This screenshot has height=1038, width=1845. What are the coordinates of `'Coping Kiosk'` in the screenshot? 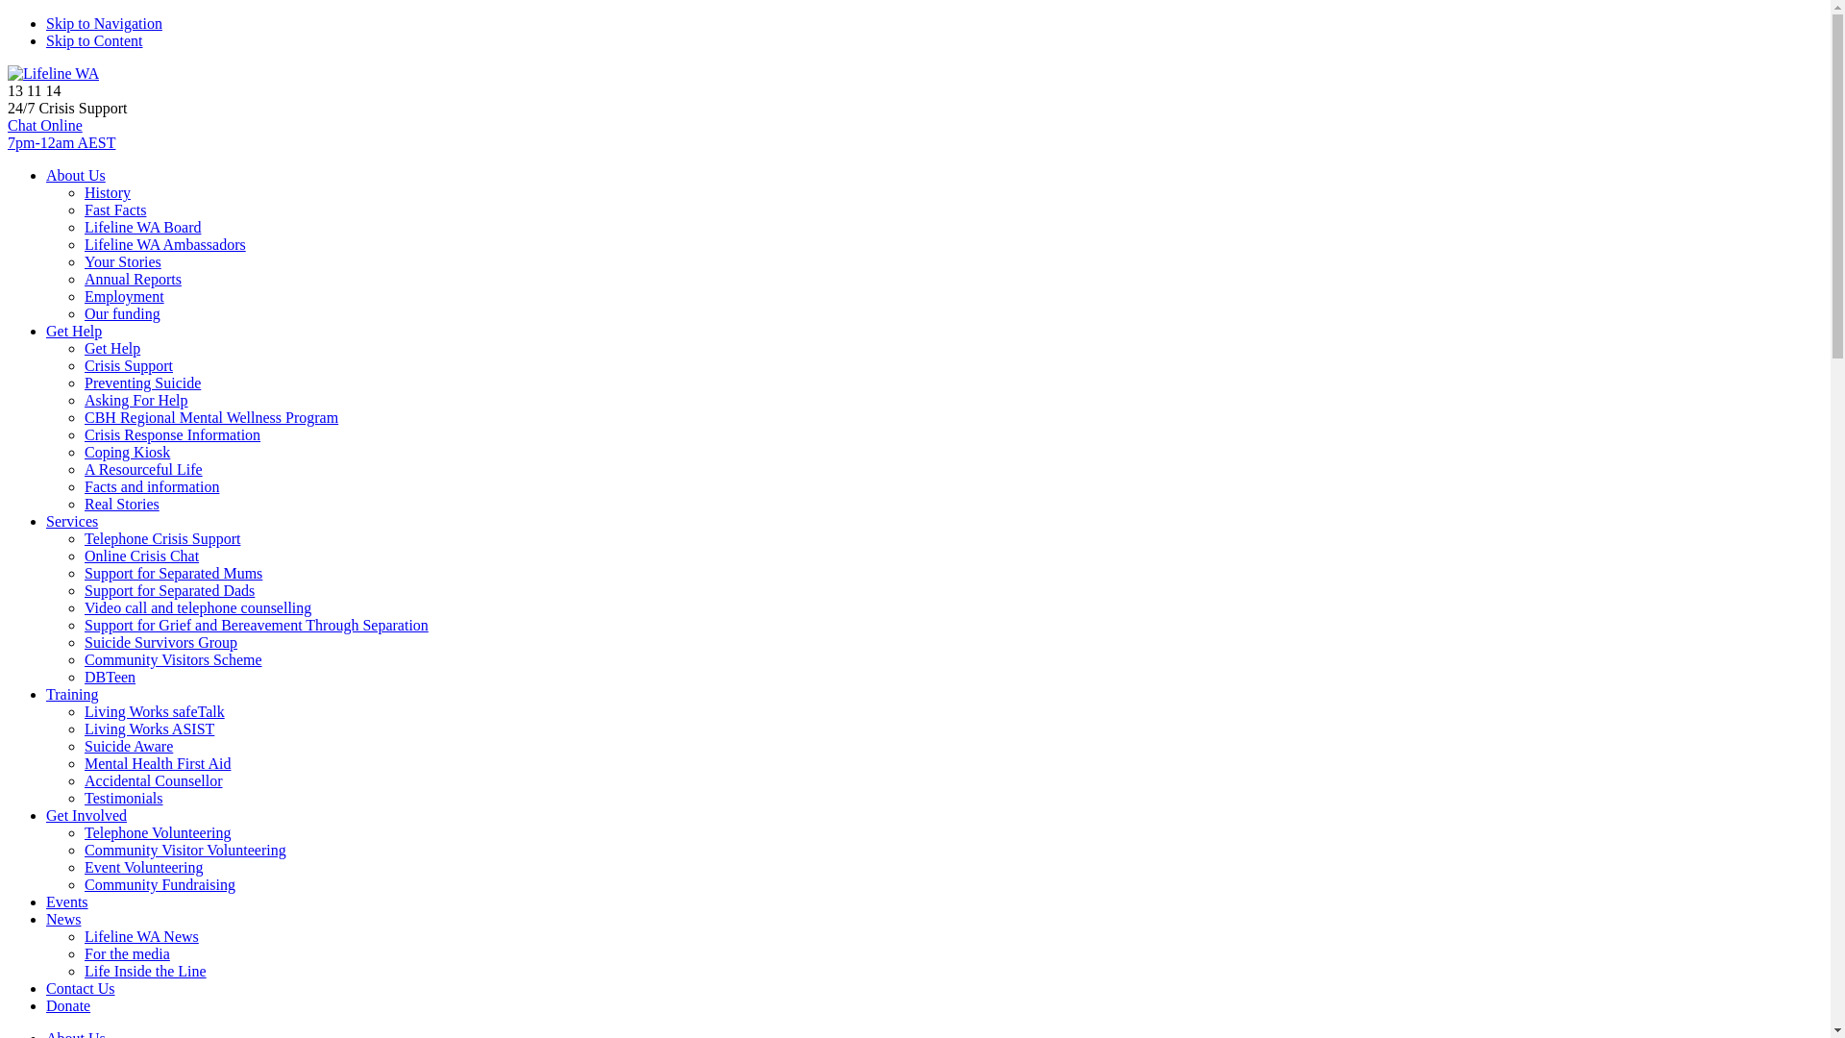 It's located at (126, 452).